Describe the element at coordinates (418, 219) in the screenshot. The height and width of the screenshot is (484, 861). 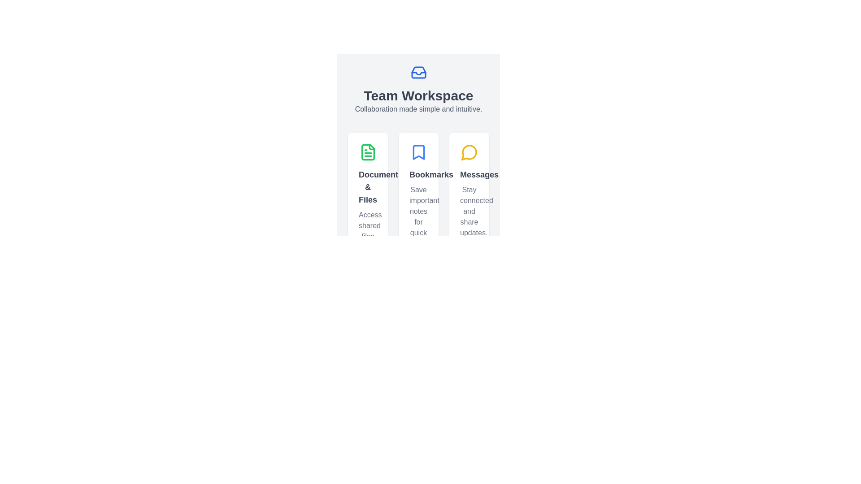
I see `the 'Bookmarks' feature overview panel, which is the second column under the 'Team Workspace' section, located between the 'Documents & Files' and 'Messages' panels` at that location.